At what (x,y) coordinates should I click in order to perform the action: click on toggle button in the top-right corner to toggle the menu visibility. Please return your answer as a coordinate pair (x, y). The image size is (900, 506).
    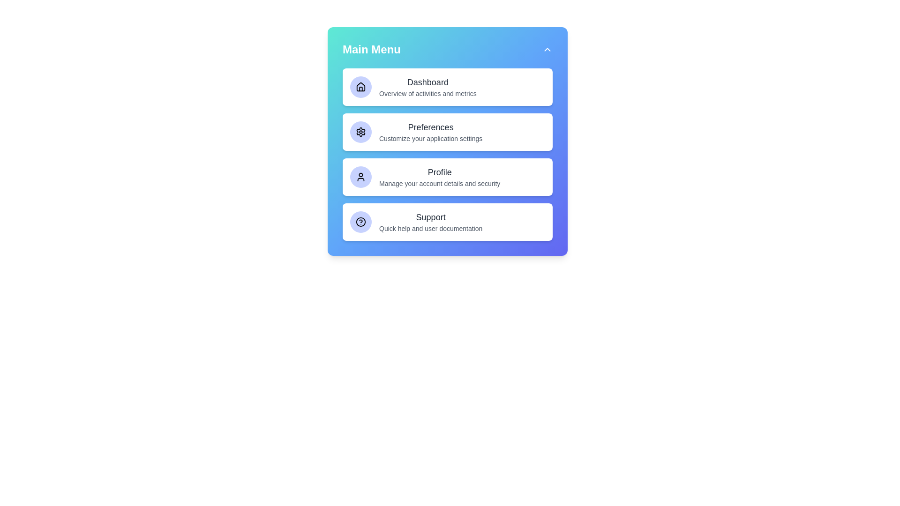
    Looking at the image, I should click on (547, 49).